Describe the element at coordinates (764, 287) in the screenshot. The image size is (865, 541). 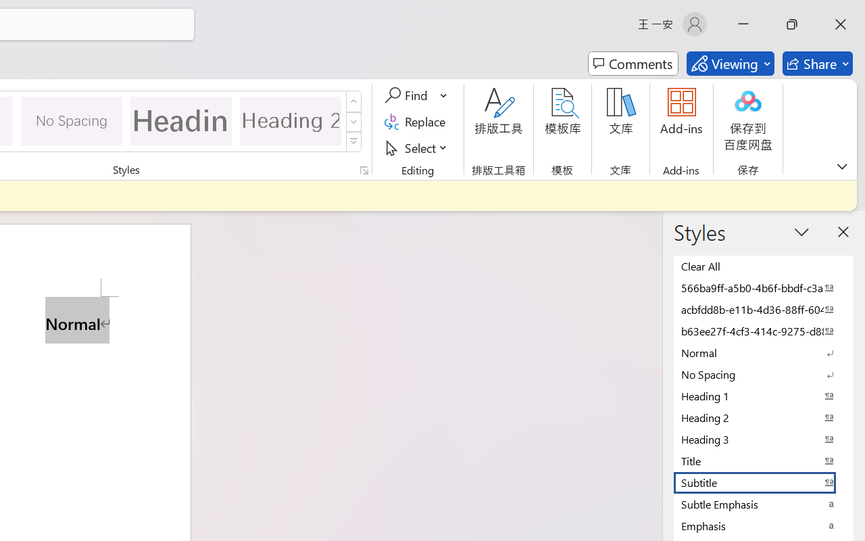
I see `'566ba9ff-a5b0-4b6f-bbdf-c3ab41993fc2'` at that location.